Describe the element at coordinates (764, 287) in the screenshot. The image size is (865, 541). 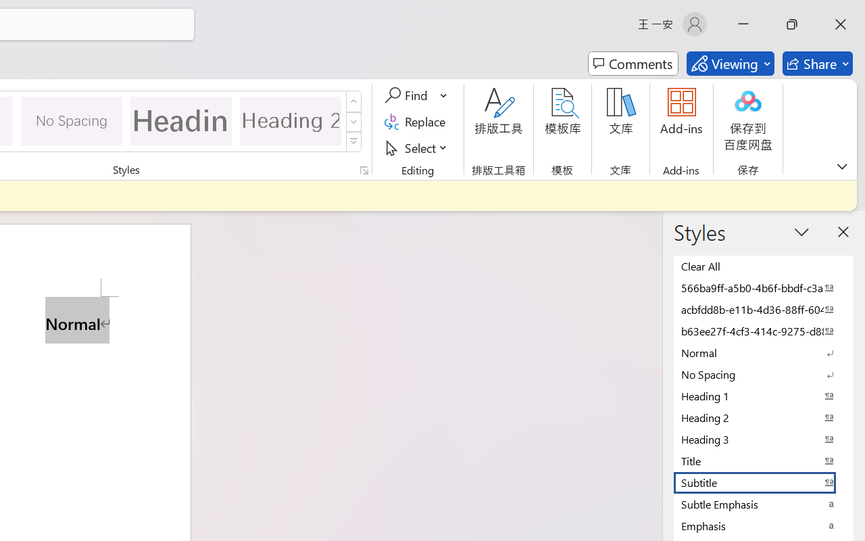
I see `'566ba9ff-a5b0-4b6f-bbdf-c3ab41993fc2'` at that location.